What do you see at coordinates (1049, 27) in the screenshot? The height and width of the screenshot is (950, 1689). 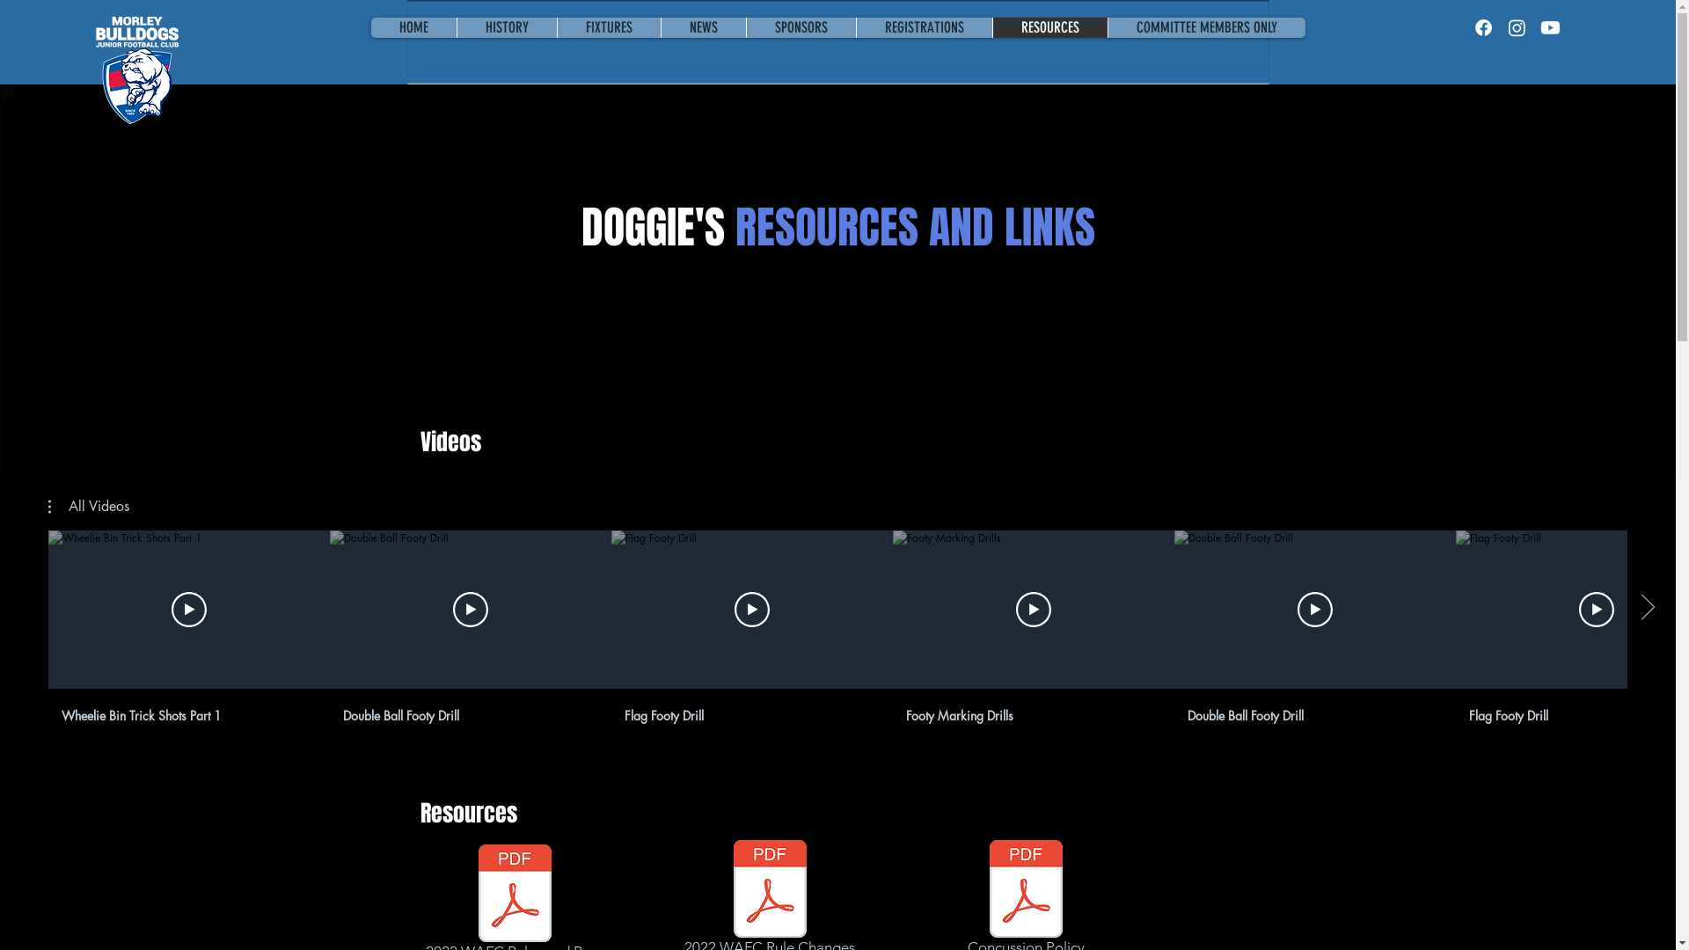 I see `'RESOURCES'` at bounding box center [1049, 27].